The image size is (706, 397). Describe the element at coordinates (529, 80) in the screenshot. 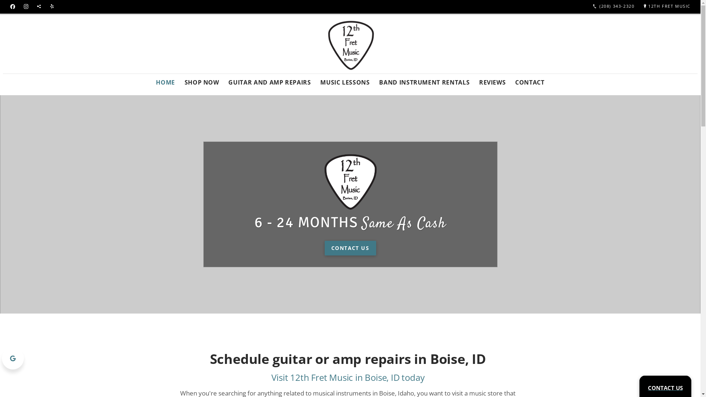

I see `'CONTACT'` at that location.